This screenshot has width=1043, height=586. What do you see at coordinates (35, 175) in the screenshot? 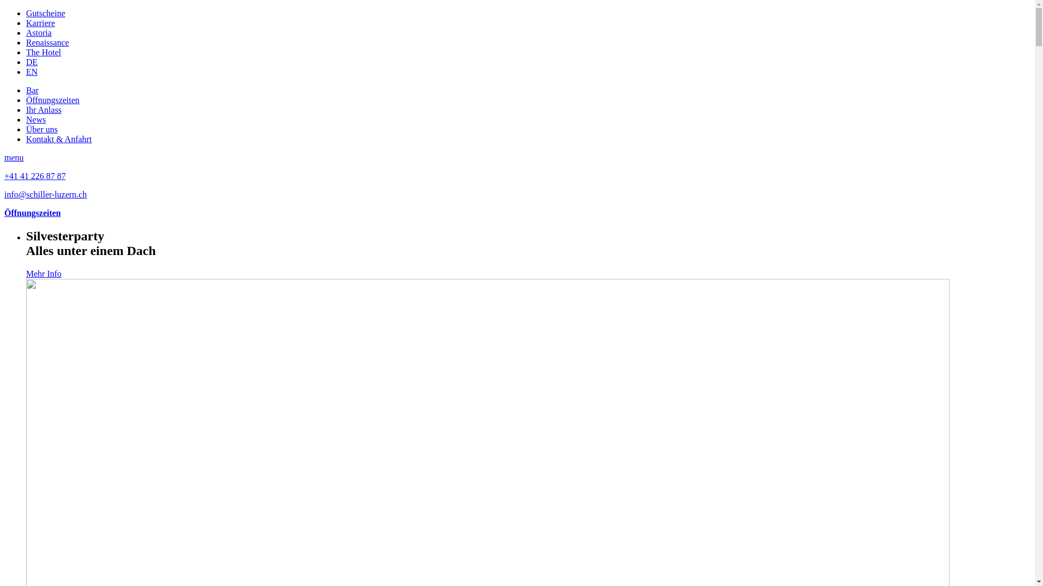
I see `'+41 41 226 87 87'` at bounding box center [35, 175].